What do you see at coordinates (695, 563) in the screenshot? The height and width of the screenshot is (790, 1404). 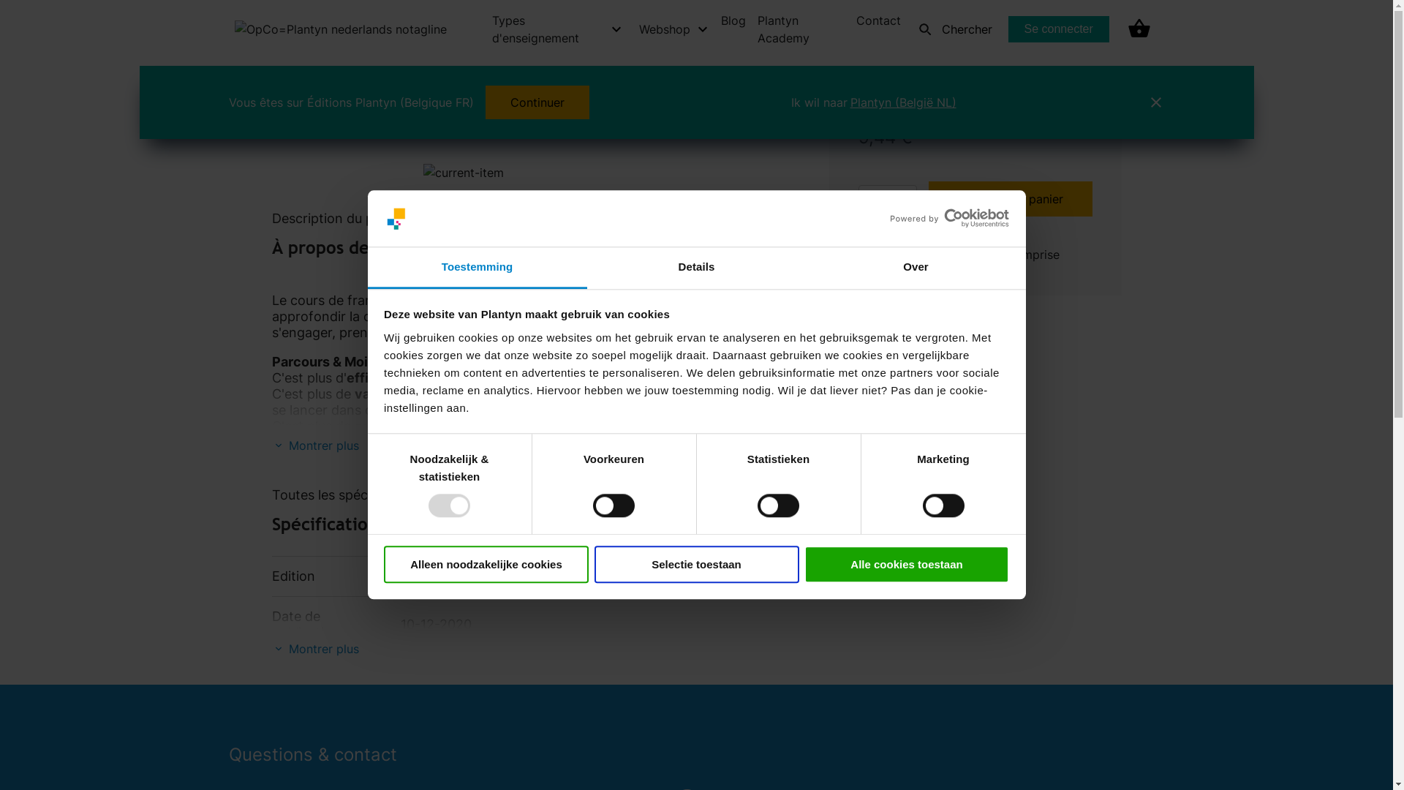 I see `'Selectie toestaan'` at bounding box center [695, 563].